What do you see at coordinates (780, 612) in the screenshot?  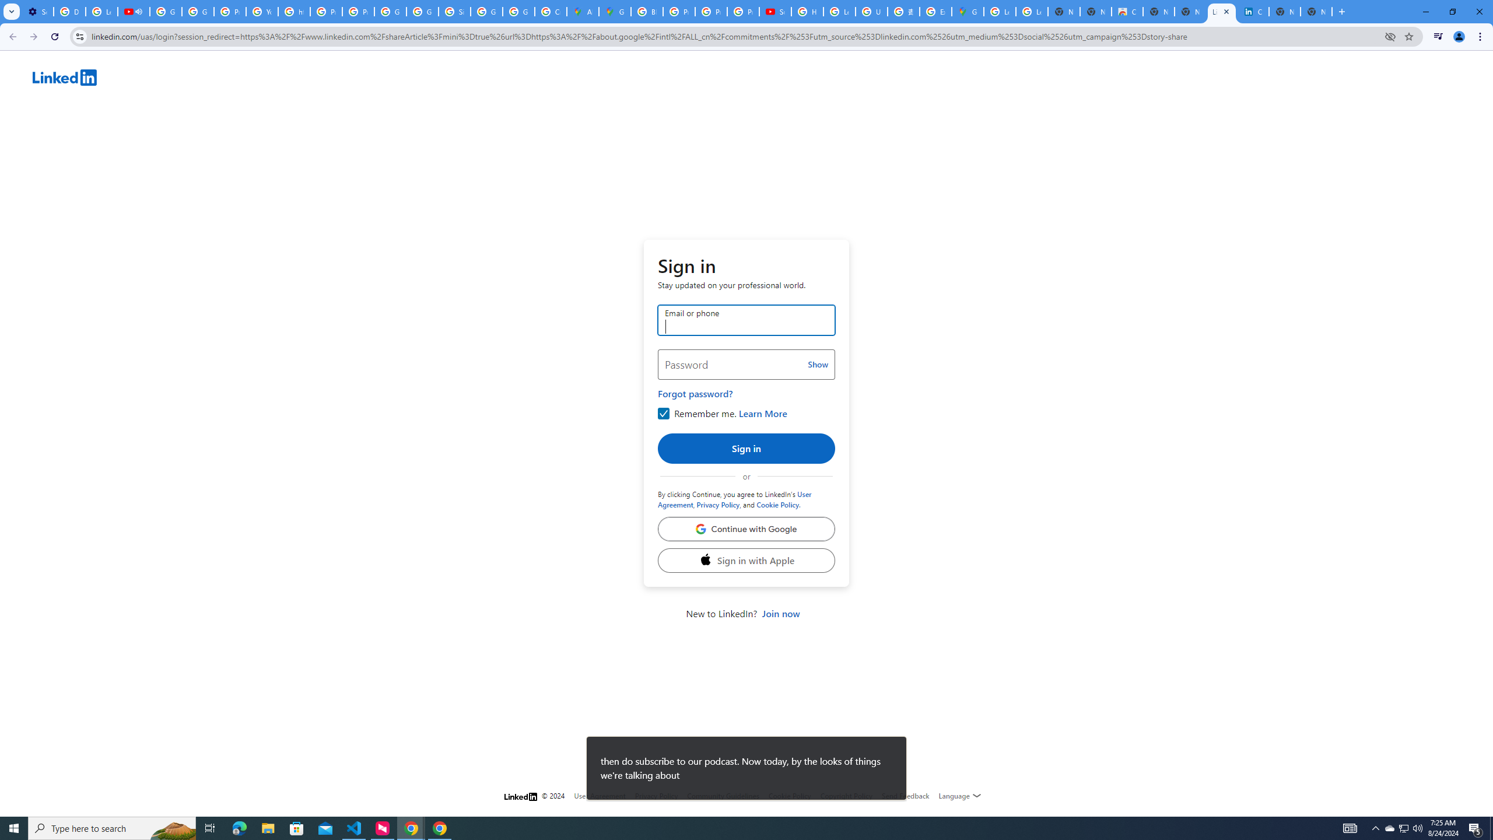 I see `'Join now'` at bounding box center [780, 612].